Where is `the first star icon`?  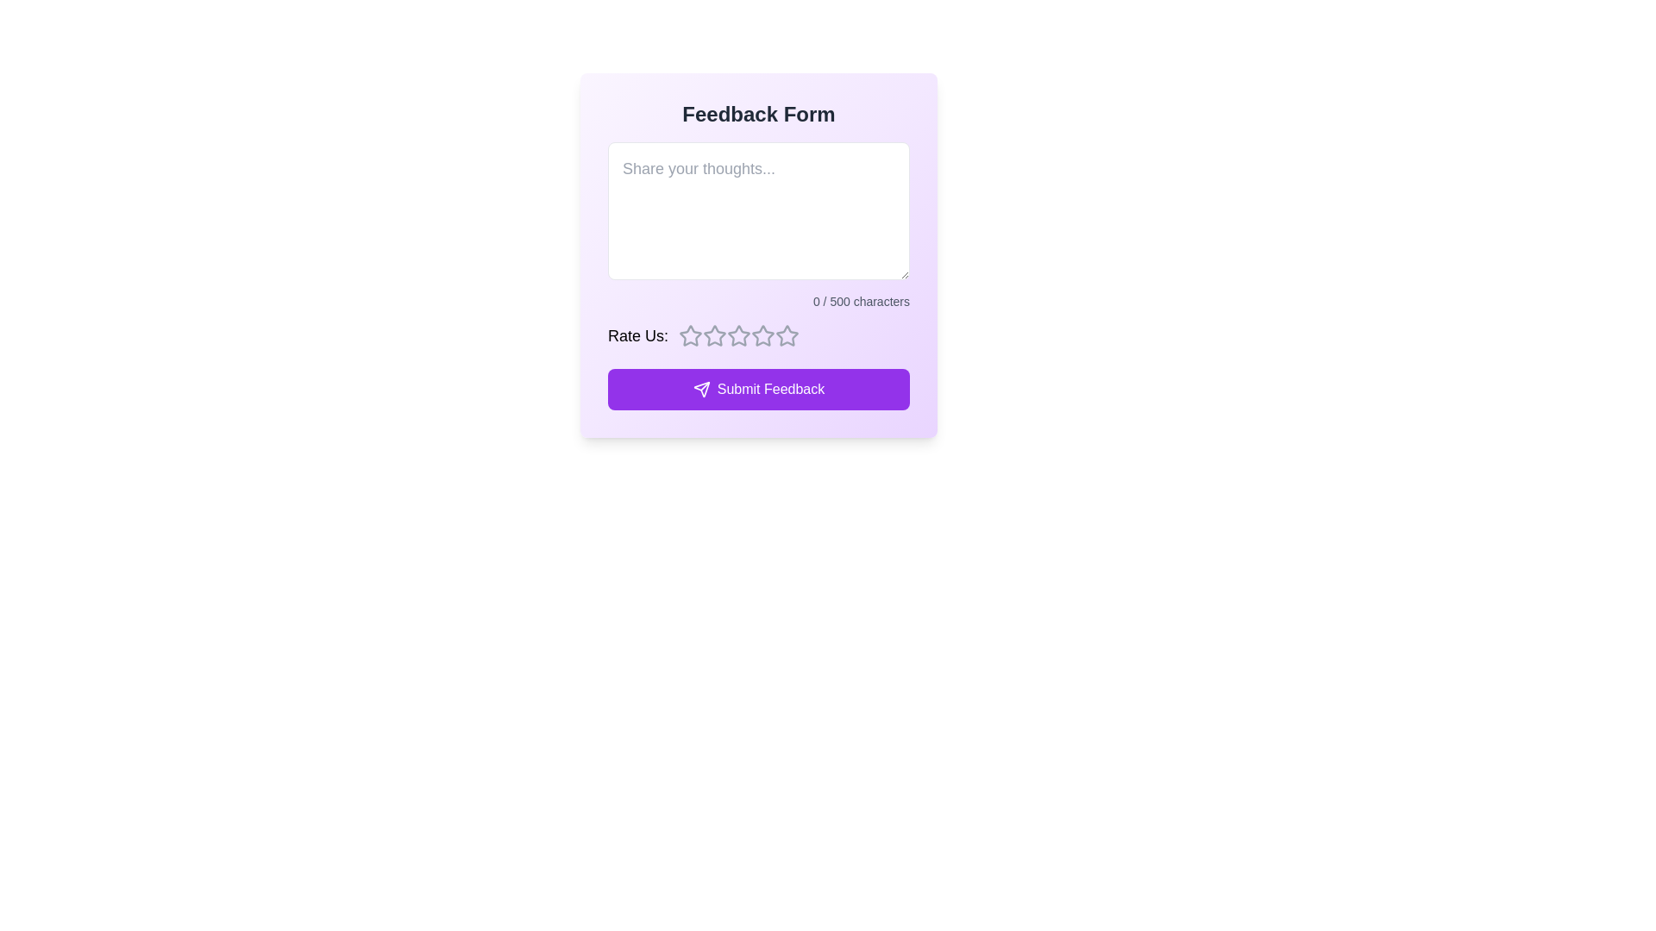
the first star icon is located at coordinates (691, 335).